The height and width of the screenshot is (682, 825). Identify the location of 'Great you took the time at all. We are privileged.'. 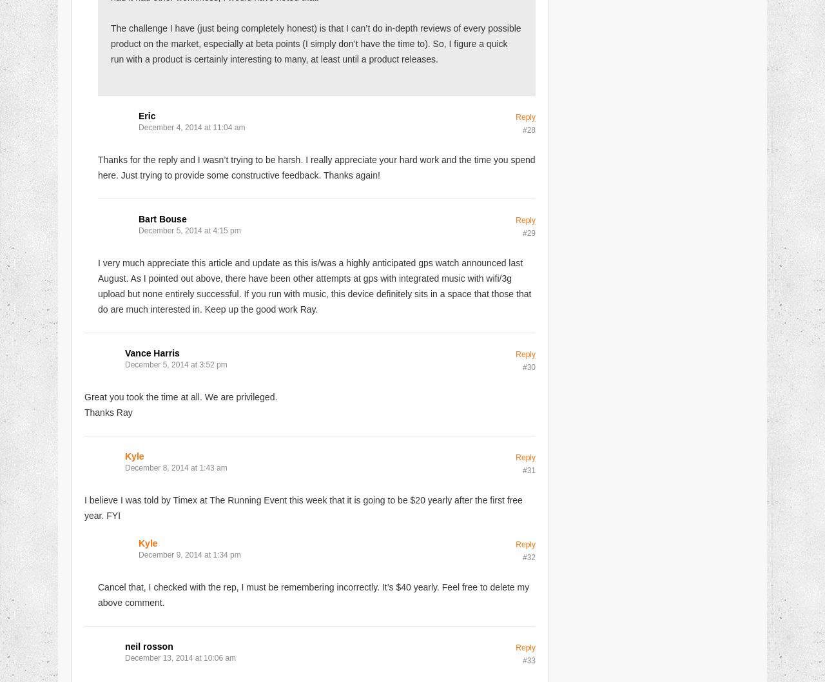
(83, 396).